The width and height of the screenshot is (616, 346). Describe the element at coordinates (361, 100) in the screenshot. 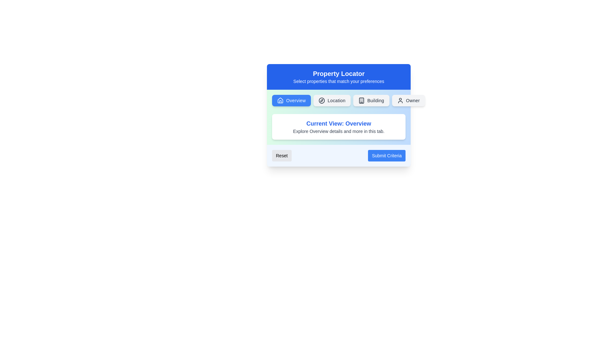

I see `the rectangle within the building icon in the navigation bar under 'Property Locator'` at that location.